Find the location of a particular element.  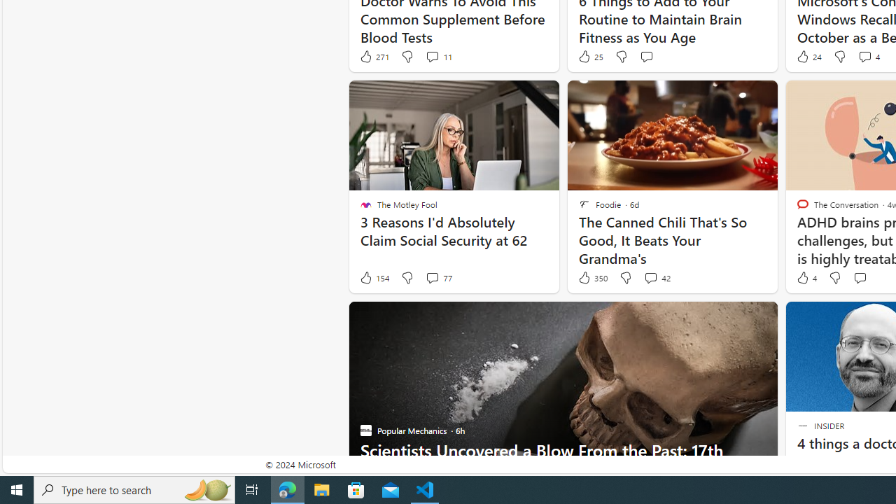

'View comments 42 Comment' is located at coordinates (650, 278).